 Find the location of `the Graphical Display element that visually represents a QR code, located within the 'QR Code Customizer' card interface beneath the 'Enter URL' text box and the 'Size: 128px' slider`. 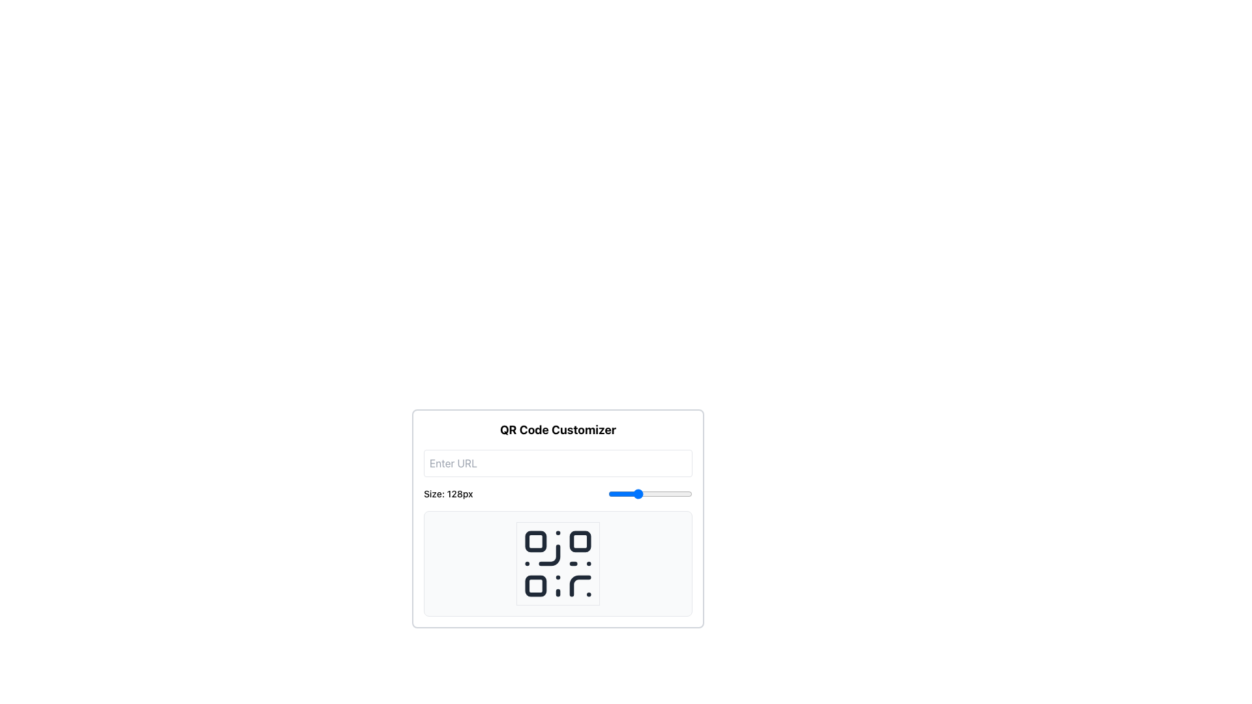

the Graphical Display element that visually represents a QR code, located within the 'QR Code Customizer' card interface beneath the 'Enter URL' text box and the 'Size: 128px' slider is located at coordinates (558, 563).